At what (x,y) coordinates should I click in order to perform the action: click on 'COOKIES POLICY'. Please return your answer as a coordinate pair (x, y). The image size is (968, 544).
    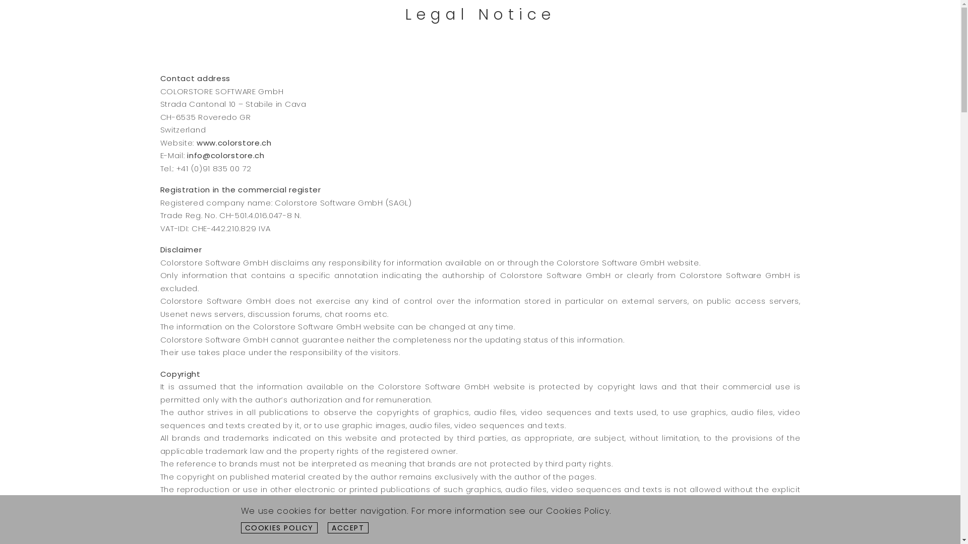
    Looking at the image, I should click on (279, 527).